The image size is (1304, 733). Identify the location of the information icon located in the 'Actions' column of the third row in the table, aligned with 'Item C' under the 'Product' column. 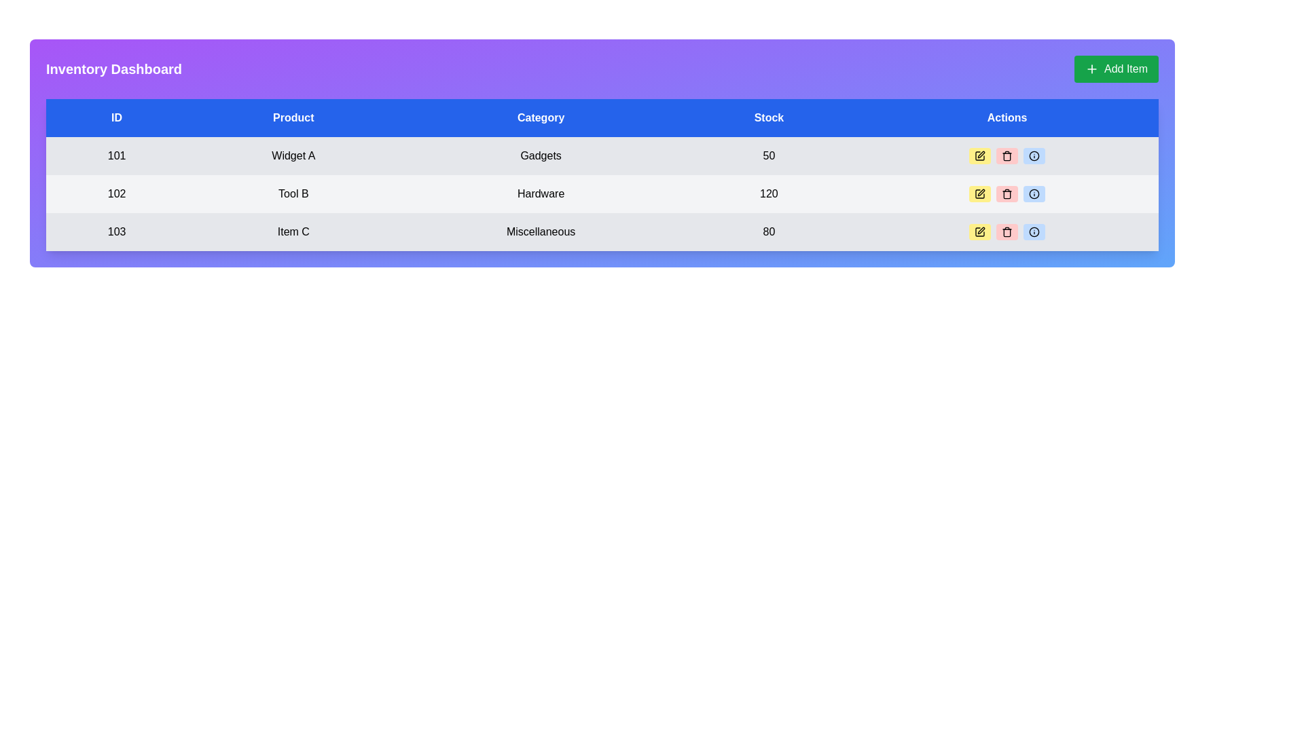
(1033, 193).